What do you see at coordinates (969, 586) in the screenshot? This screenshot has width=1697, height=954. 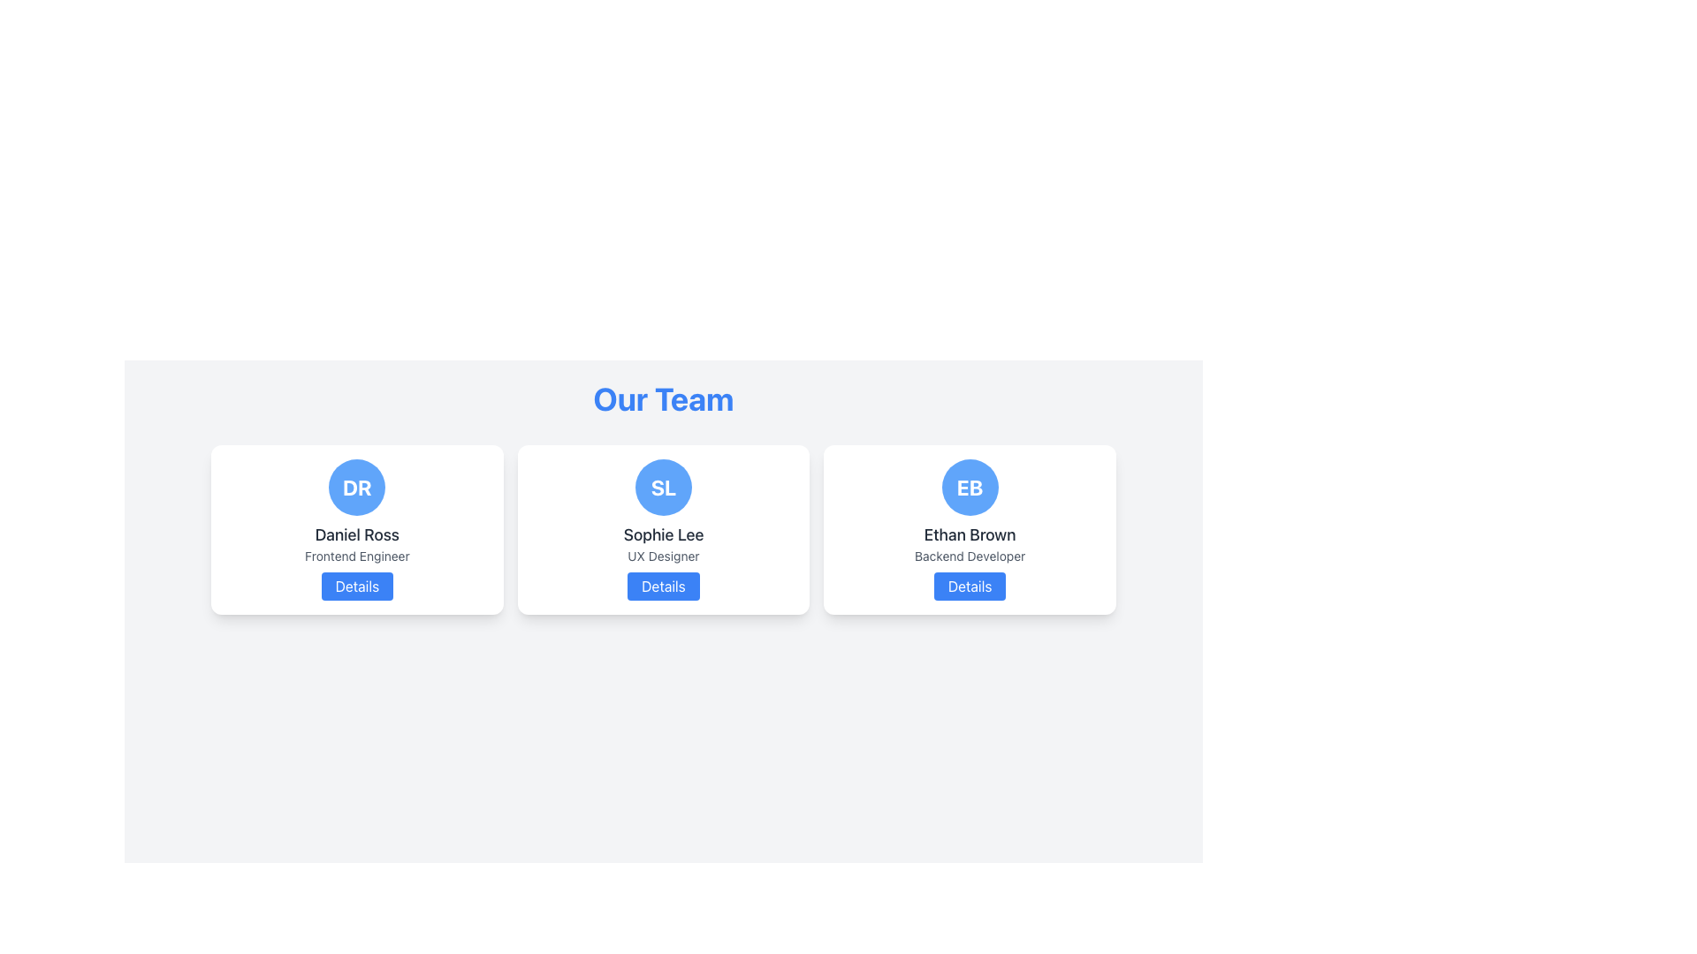 I see `the rectangular button labeled 'Details' with a blue background located at the bottom of the card for 'Ethan Brown', the Backend Developer` at bounding box center [969, 586].